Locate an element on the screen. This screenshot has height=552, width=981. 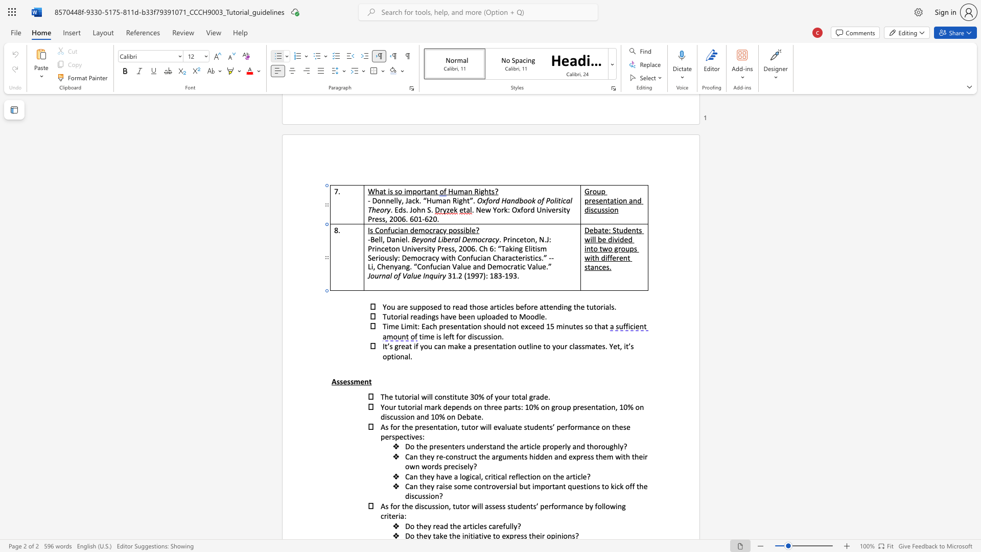
the 8th character "s" in the text is located at coordinates (504, 506).